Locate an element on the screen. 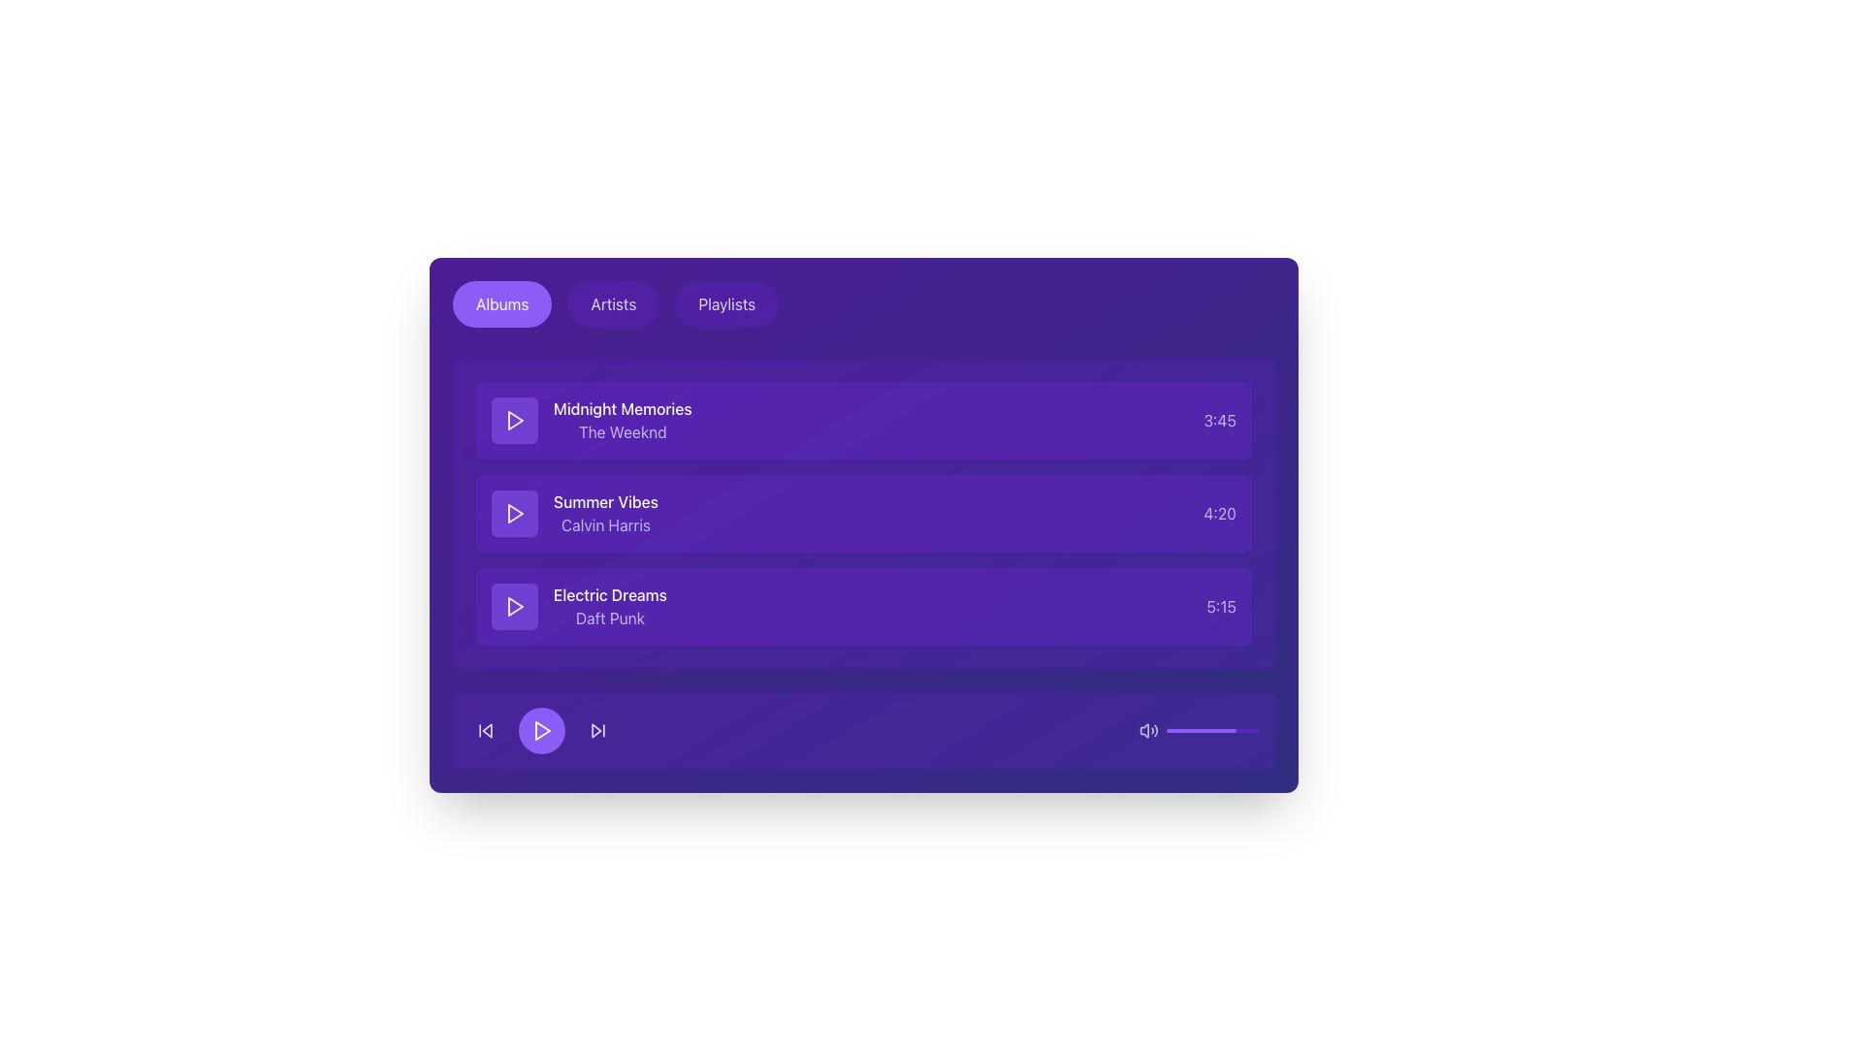  the volume level is located at coordinates (1234, 730).